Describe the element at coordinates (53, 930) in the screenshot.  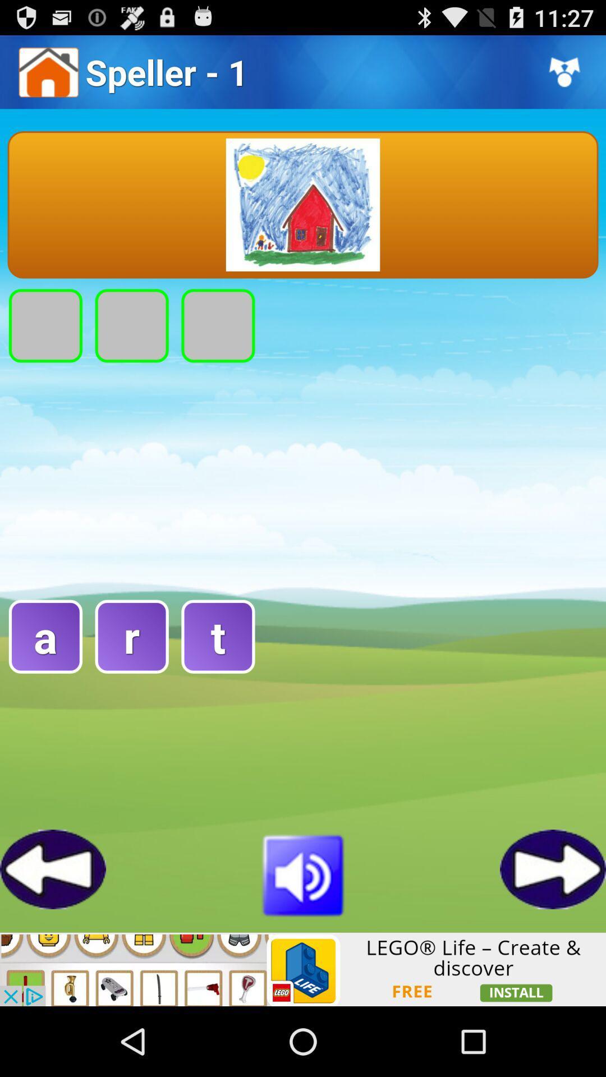
I see `the arrow_backward icon` at that location.